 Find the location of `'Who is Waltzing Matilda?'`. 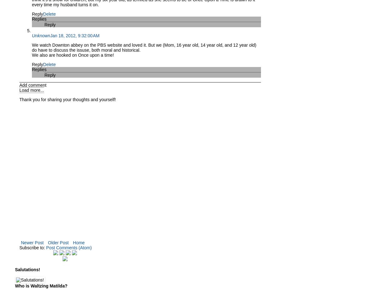

'Who is Waltzing Matilda?' is located at coordinates (41, 286).